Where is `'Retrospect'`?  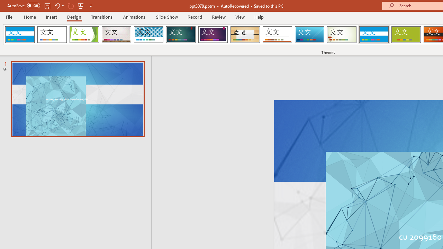
'Retrospect' is located at coordinates (277, 35).